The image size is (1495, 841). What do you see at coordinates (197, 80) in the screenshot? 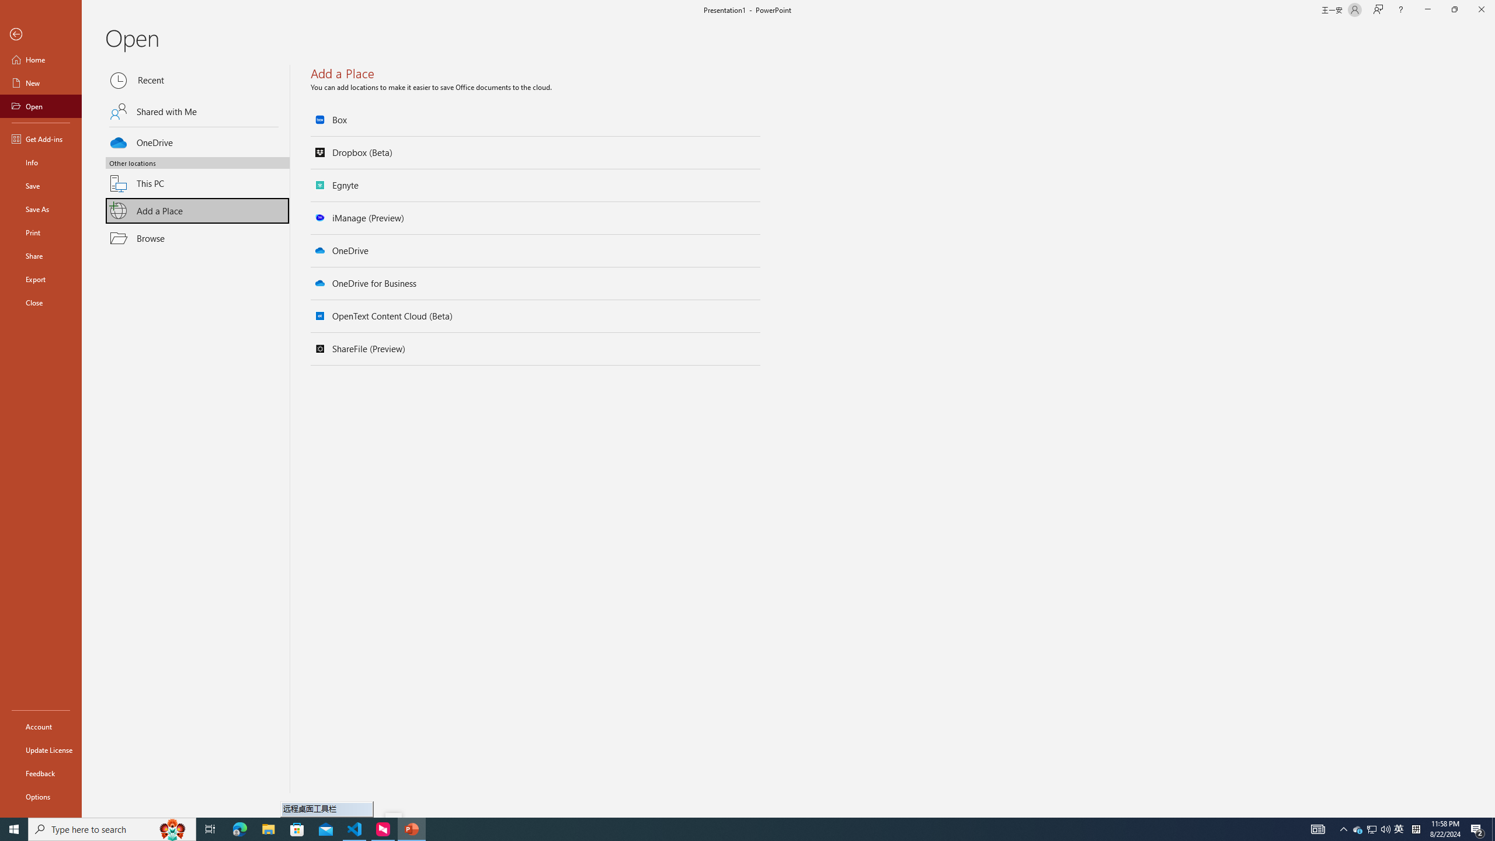
I see `'Recent'` at bounding box center [197, 80].